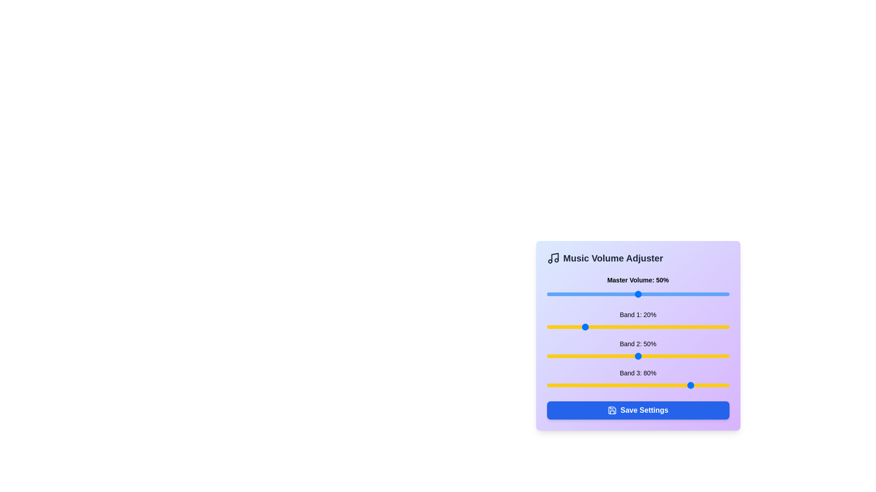  What do you see at coordinates (600, 385) in the screenshot?
I see `Band 3 slider` at bounding box center [600, 385].